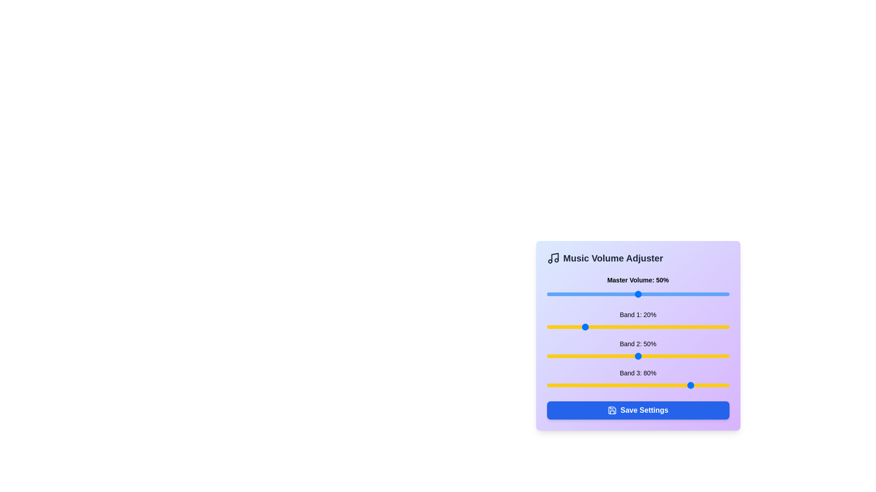  What do you see at coordinates (600, 385) in the screenshot?
I see `Band 3 slider` at bounding box center [600, 385].